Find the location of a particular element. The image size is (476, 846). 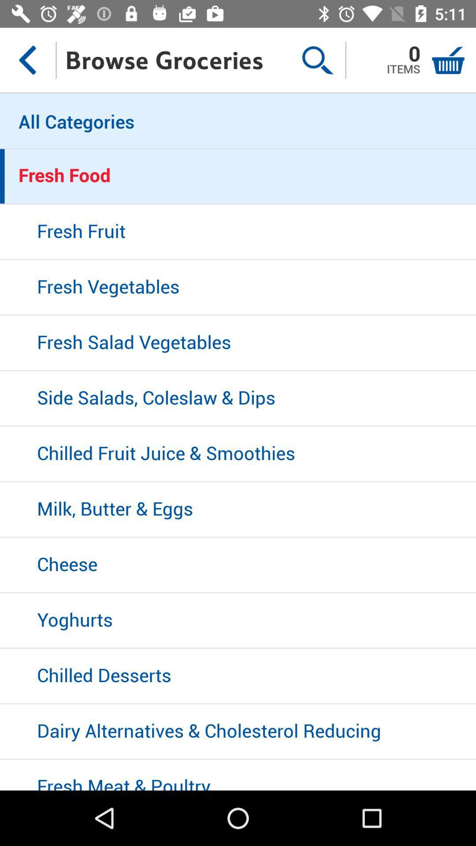

the fresh fruit icon is located at coordinates (238, 232).